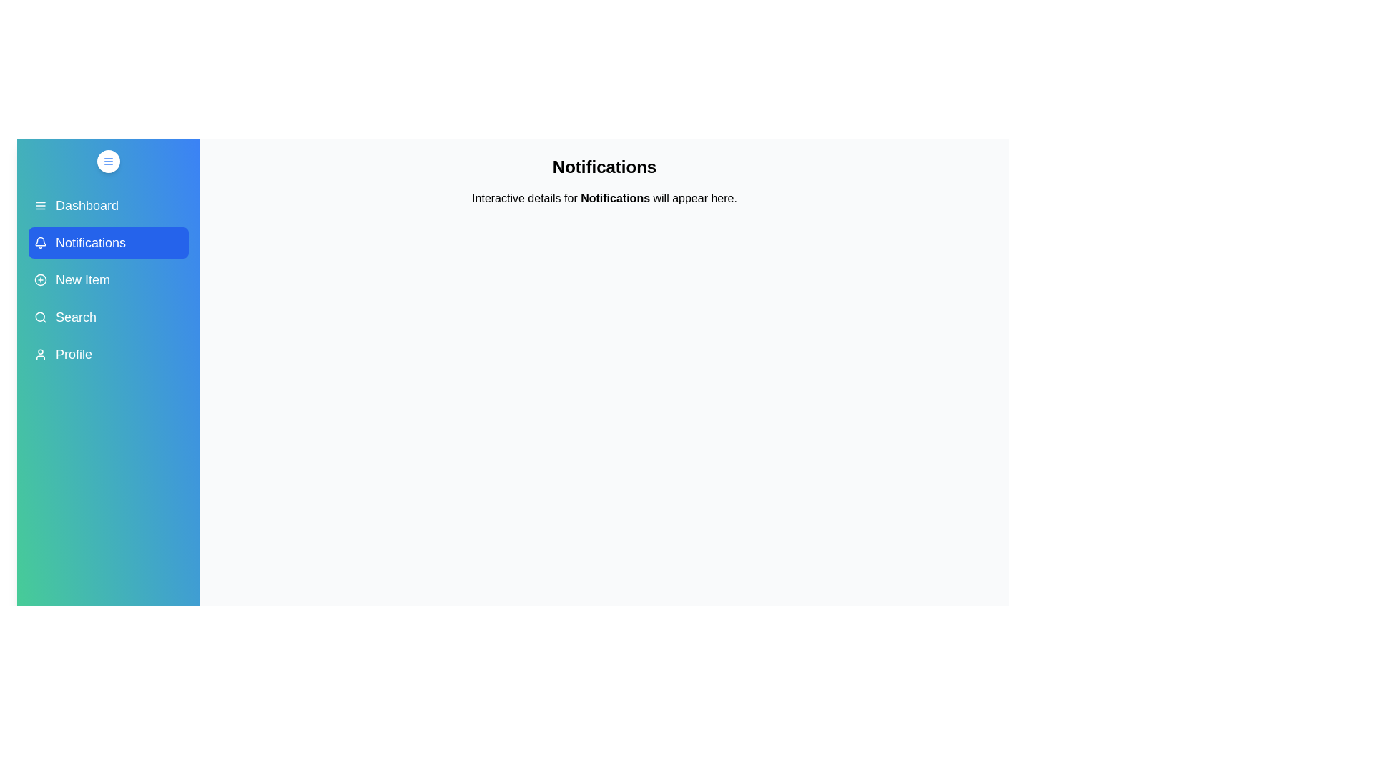  I want to click on the menu item Dashboard to view its hover effect, so click(108, 206).